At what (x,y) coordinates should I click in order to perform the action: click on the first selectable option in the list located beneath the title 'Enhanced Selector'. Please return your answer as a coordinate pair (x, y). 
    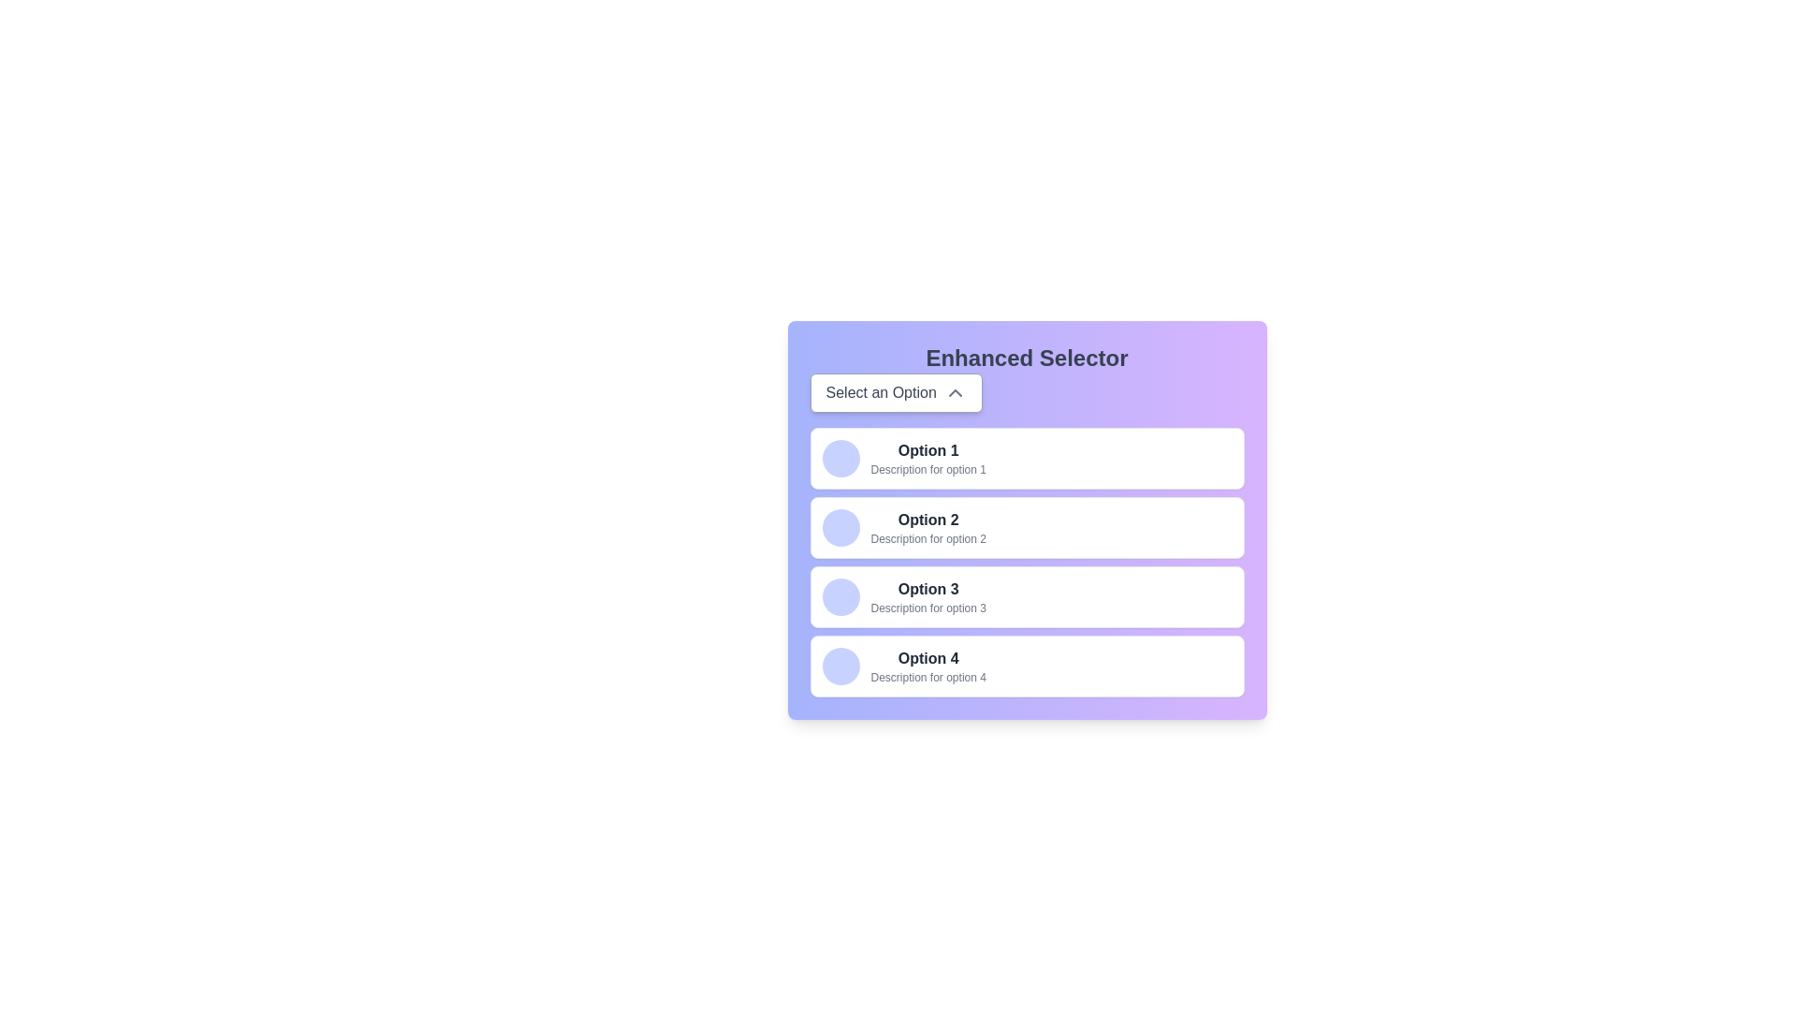
    Looking at the image, I should click on (1026, 458).